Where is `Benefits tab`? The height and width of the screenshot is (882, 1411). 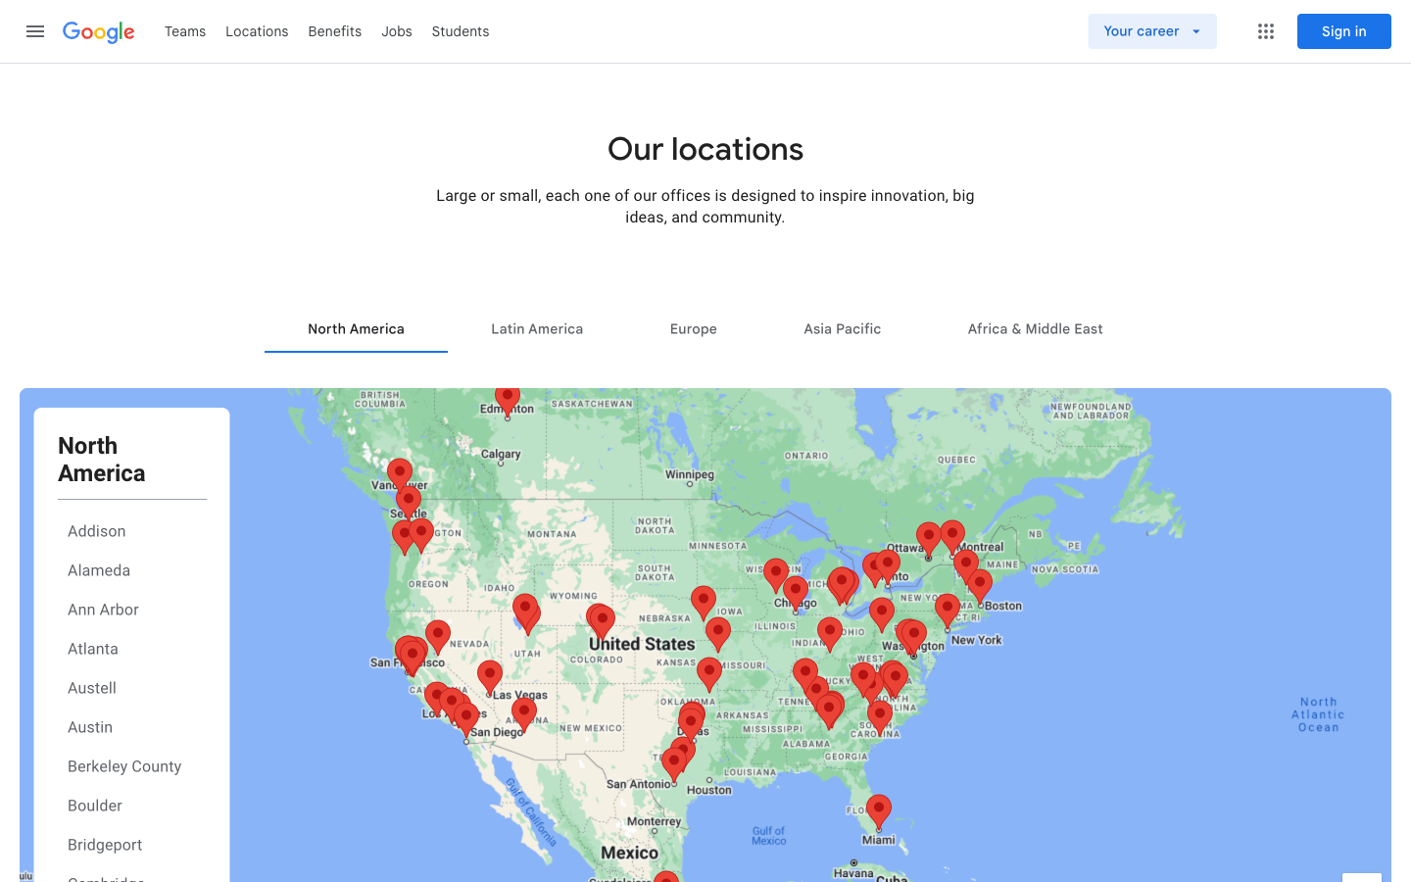
Benefits tab is located at coordinates (335, 29).